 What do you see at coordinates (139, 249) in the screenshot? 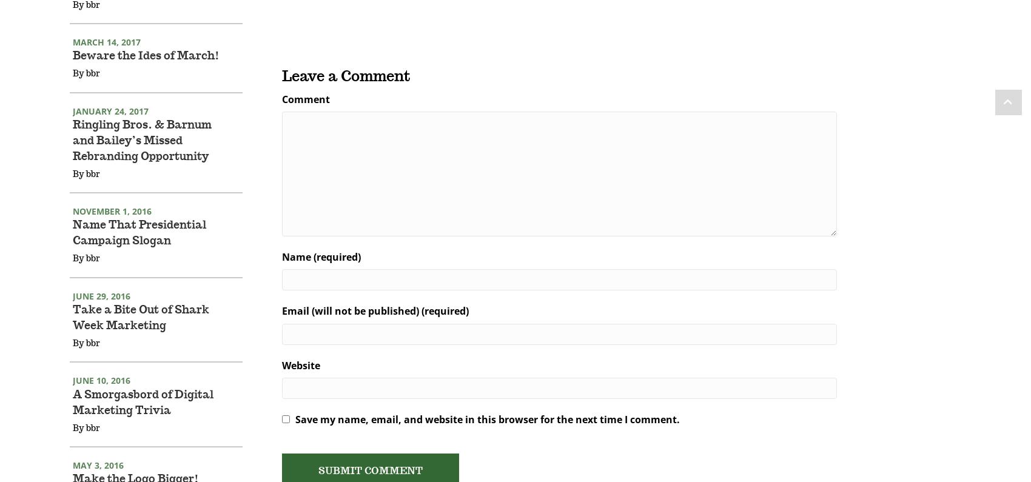
I see `'Name That Presidential Campaign Slogan'` at bounding box center [139, 249].